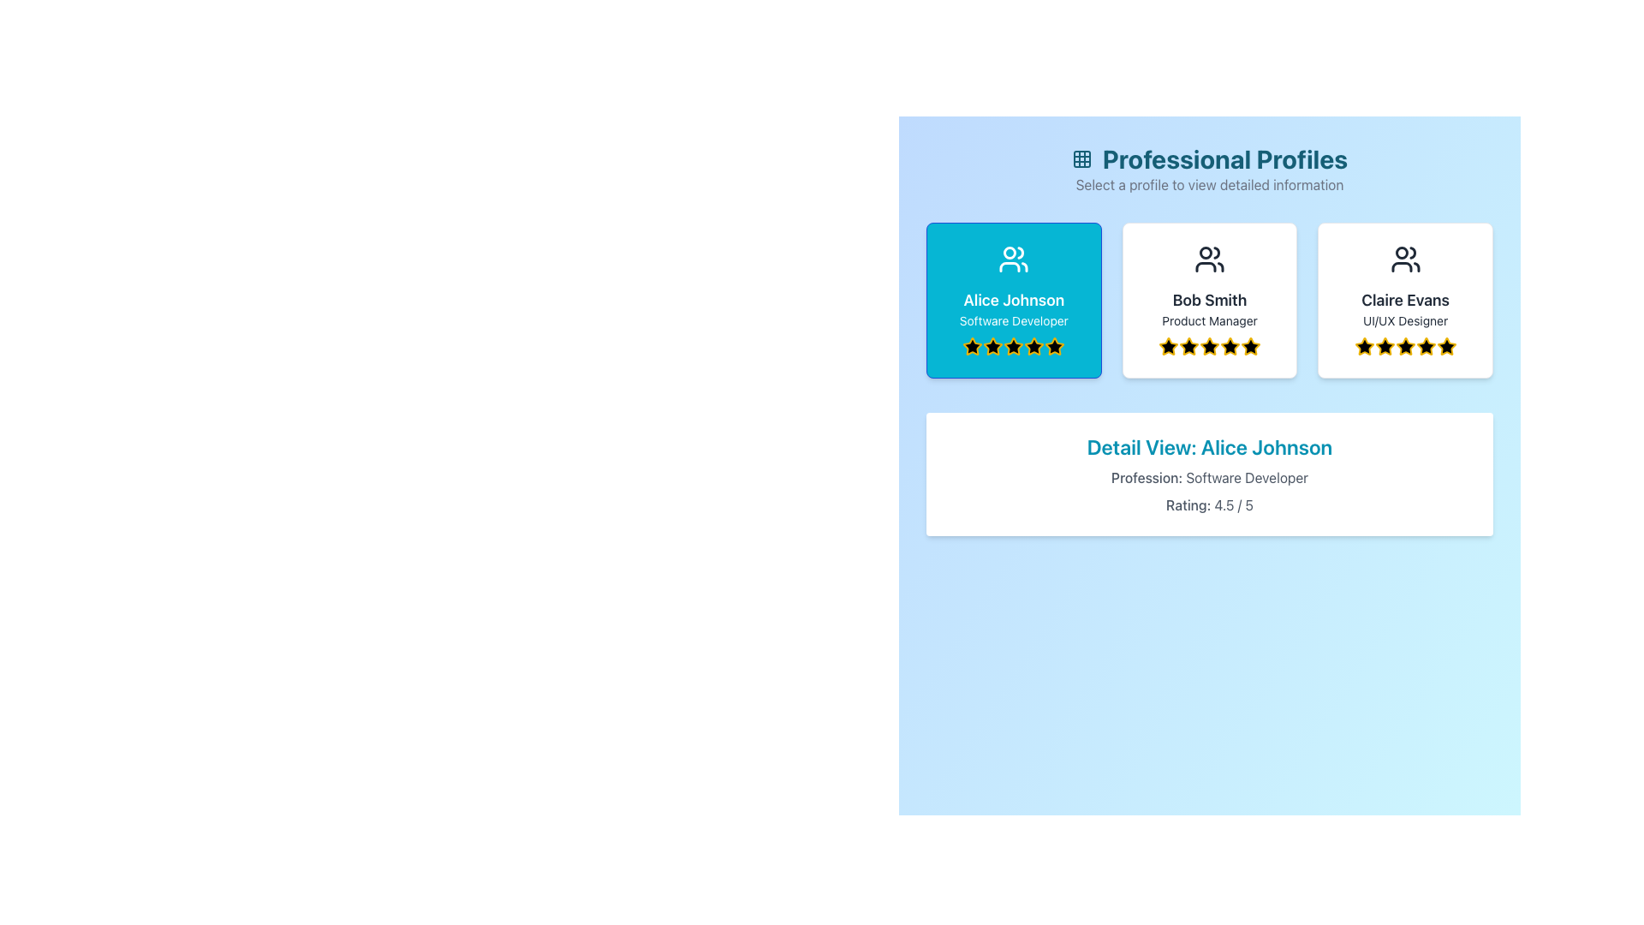 The height and width of the screenshot is (925, 1644). Describe the element at coordinates (1250, 347) in the screenshot. I see `the fifth star icon in the second user card from the left, which represents the rating value for the user profile of 'Bob Smith - Product Manager'` at that location.